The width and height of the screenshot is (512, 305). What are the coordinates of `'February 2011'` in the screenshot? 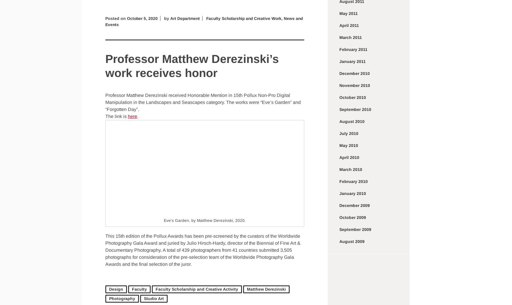 It's located at (339, 49).